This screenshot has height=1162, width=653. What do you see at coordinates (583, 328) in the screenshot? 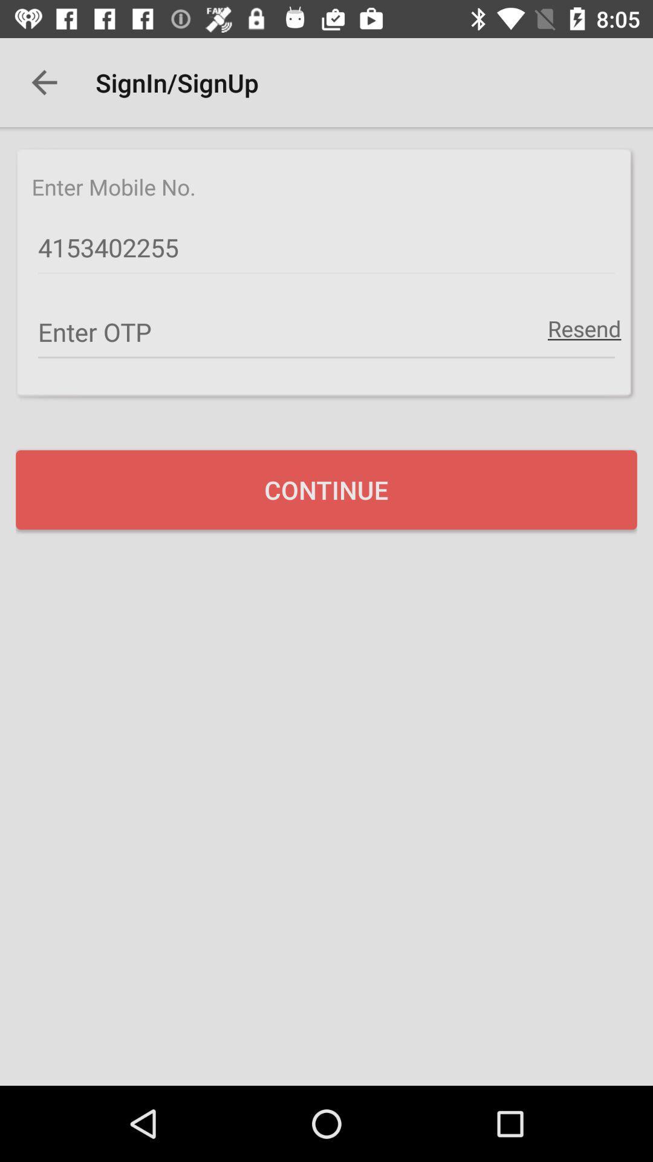
I see `the icon below the 4153402255 icon` at bounding box center [583, 328].